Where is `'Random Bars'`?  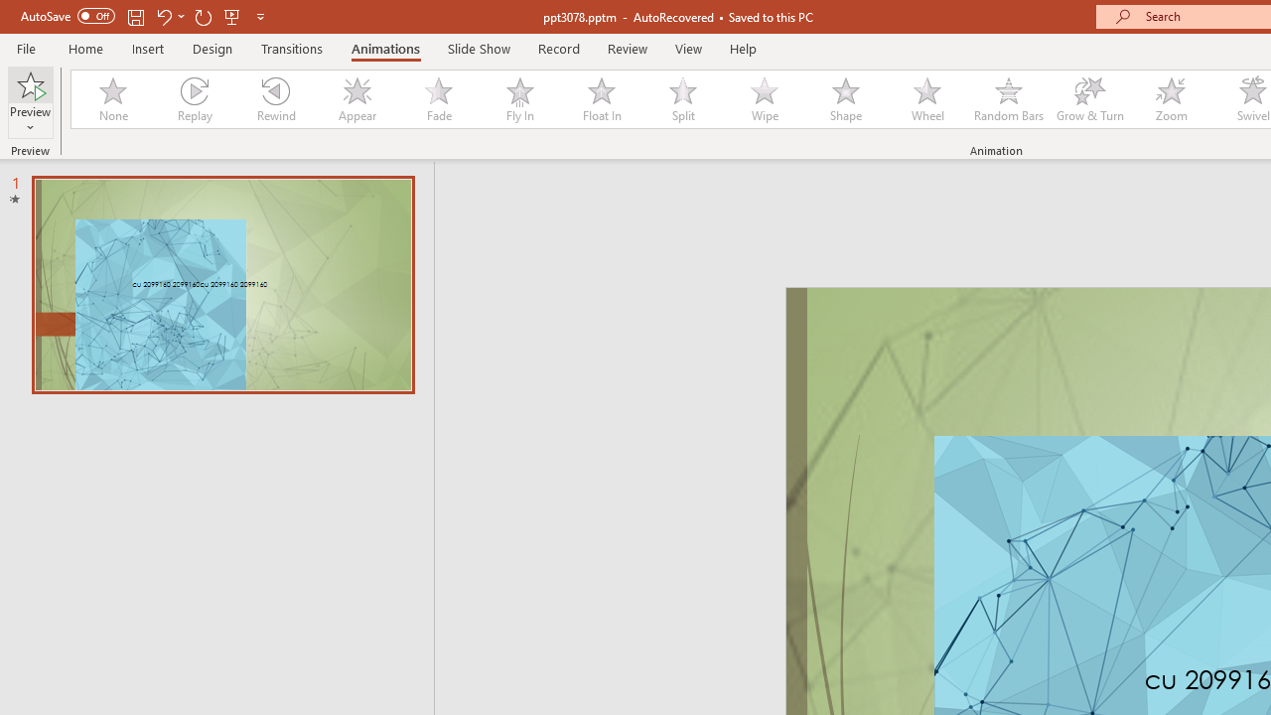
'Random Bars' is located at coordinates (1009, 99).